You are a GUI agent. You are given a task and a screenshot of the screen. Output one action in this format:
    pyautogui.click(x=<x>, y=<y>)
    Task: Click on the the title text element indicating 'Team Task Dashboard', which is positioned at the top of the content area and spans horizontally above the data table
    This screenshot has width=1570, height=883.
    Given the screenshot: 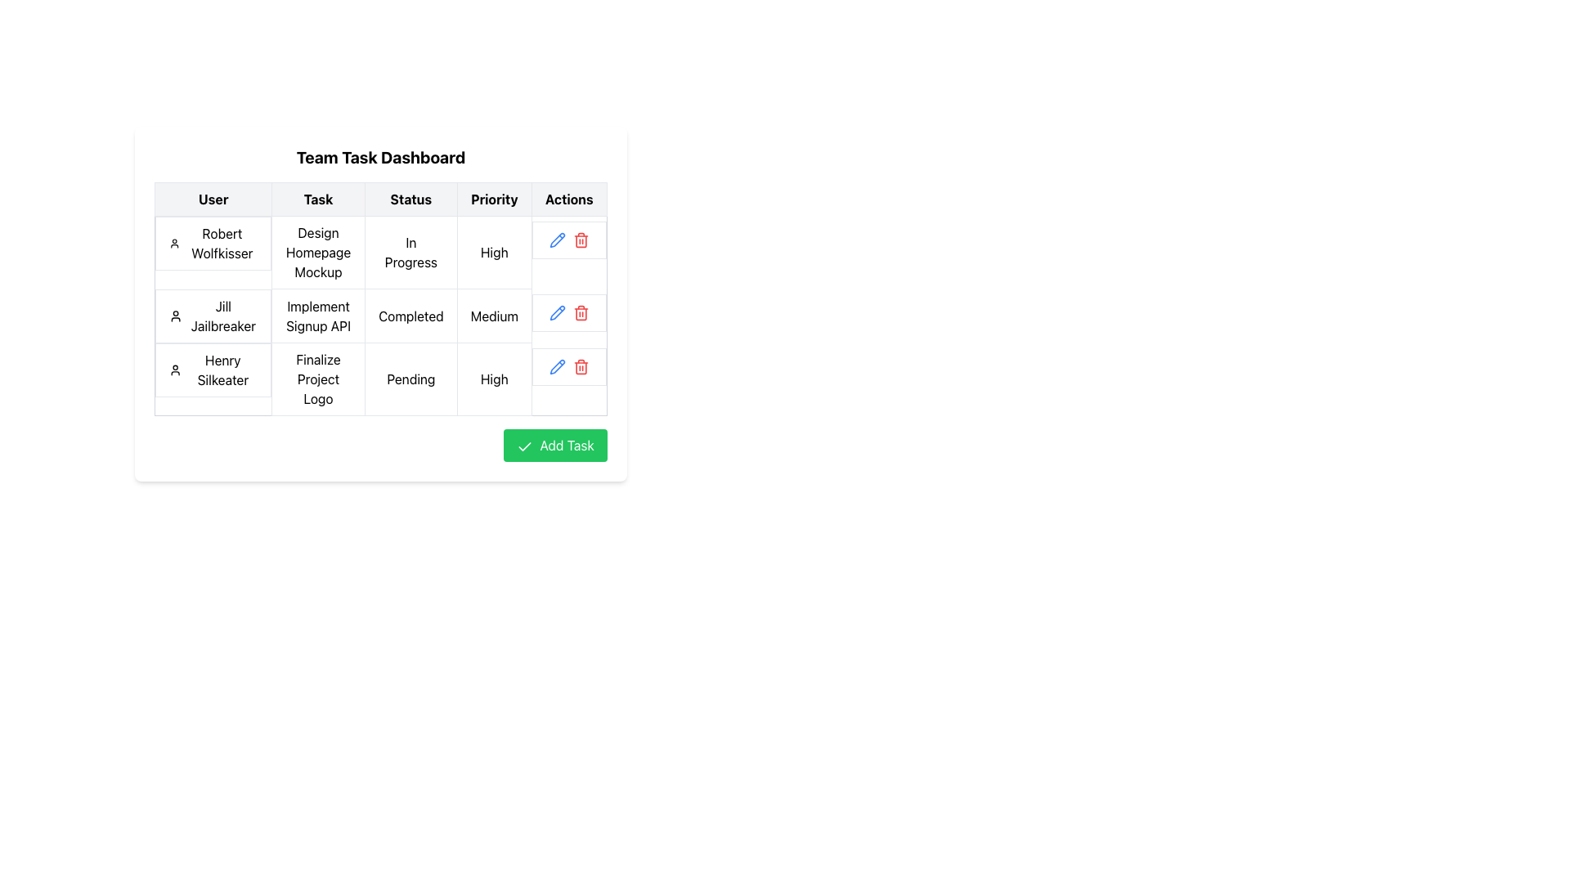 What is the action you would take?
    pyautogui.click(x=379, y=157)
    